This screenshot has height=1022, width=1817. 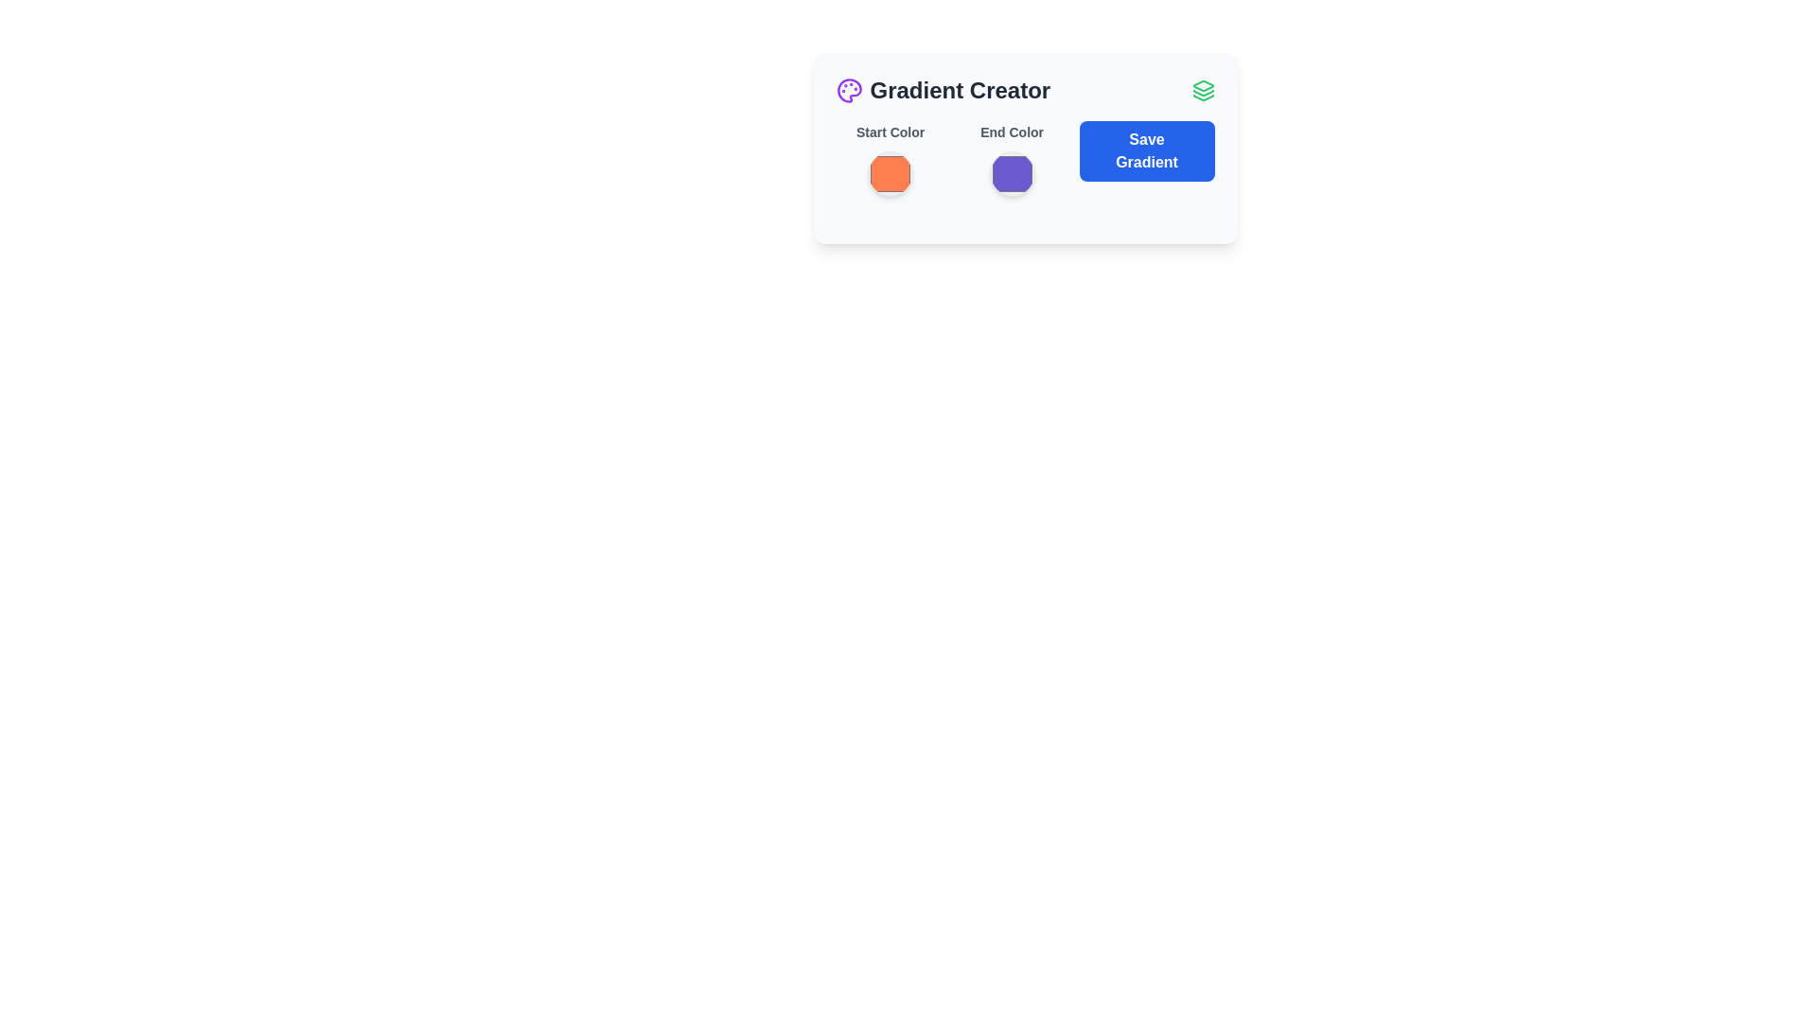 I want to click on the 'Save Gradient' button, which is a rectangular button with a blue background and white bold text, so click(x=1146, y=150).